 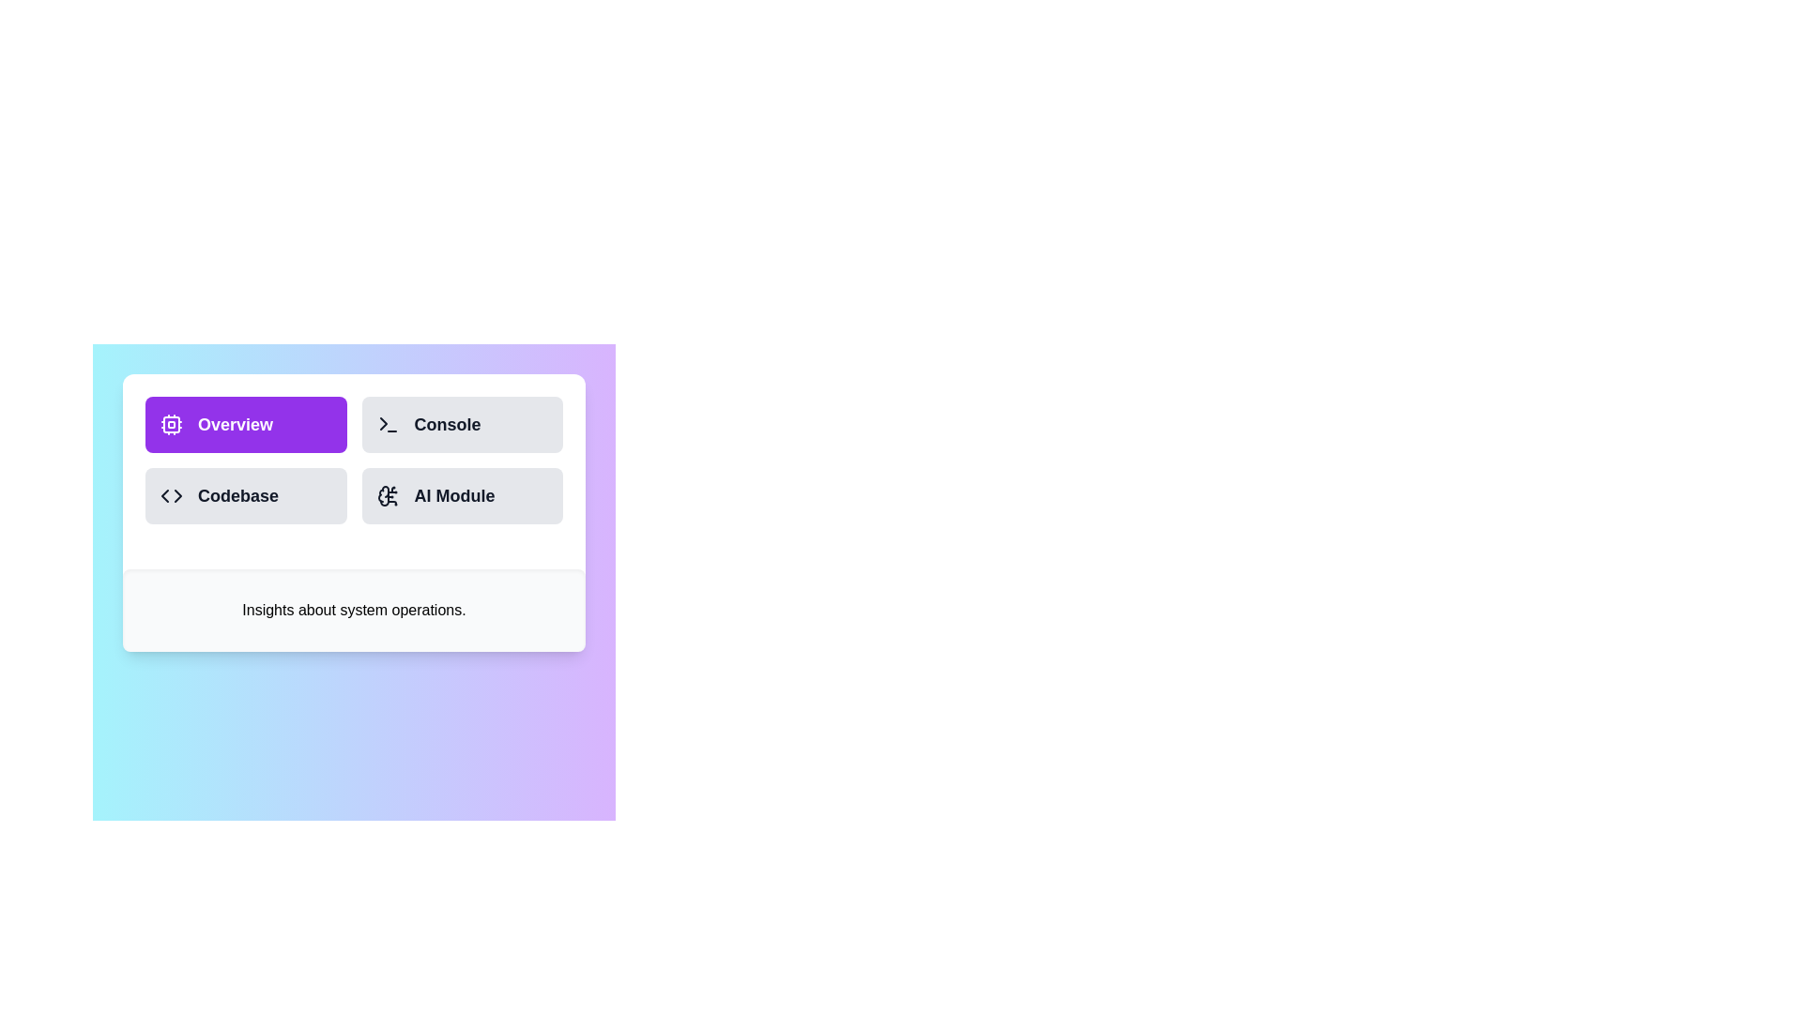 I want to click on the Console button to switch to the corresponding tab, so click(x=461, y=424).